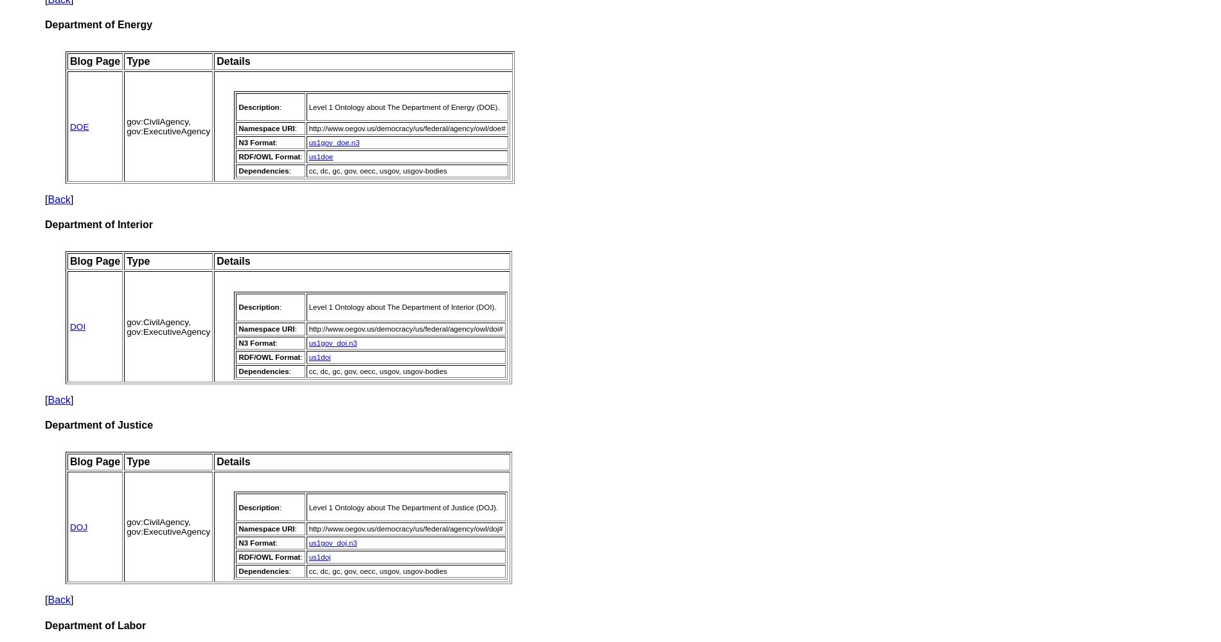  Describe the element at coordinates (70, 125) in the screenshot. I see `'DOE'` at that location.